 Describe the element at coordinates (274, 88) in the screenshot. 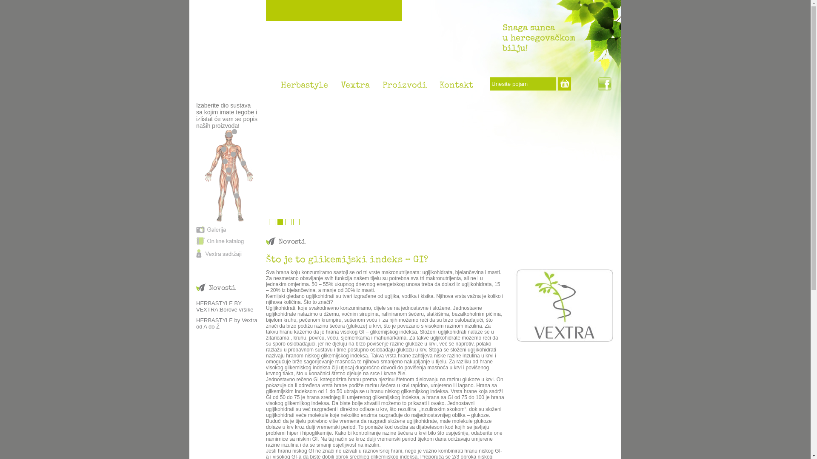

I see `'Herbastyle'` at that location.